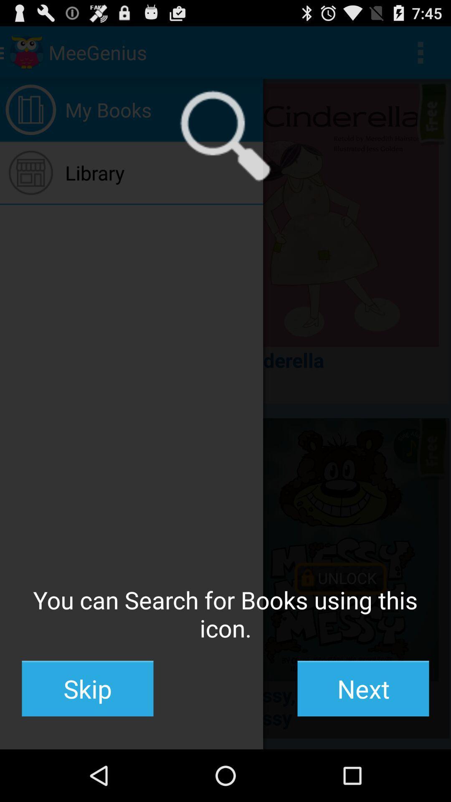  Describe the element at coordinates (87, 688) in the screenshot. I see `skip` at that location.